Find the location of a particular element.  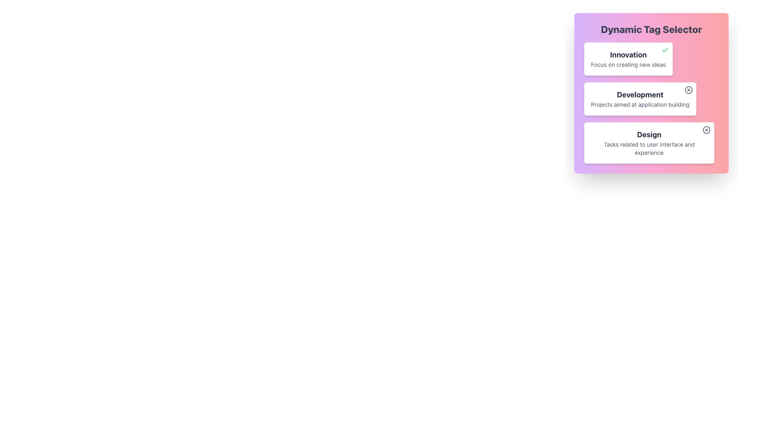

the circular icon located at the center of the right-most icon in the 'Design' tag of the 'Dynamic Tag Selector' UI component to initiate the deletion action is located at coordinates (706, 130).